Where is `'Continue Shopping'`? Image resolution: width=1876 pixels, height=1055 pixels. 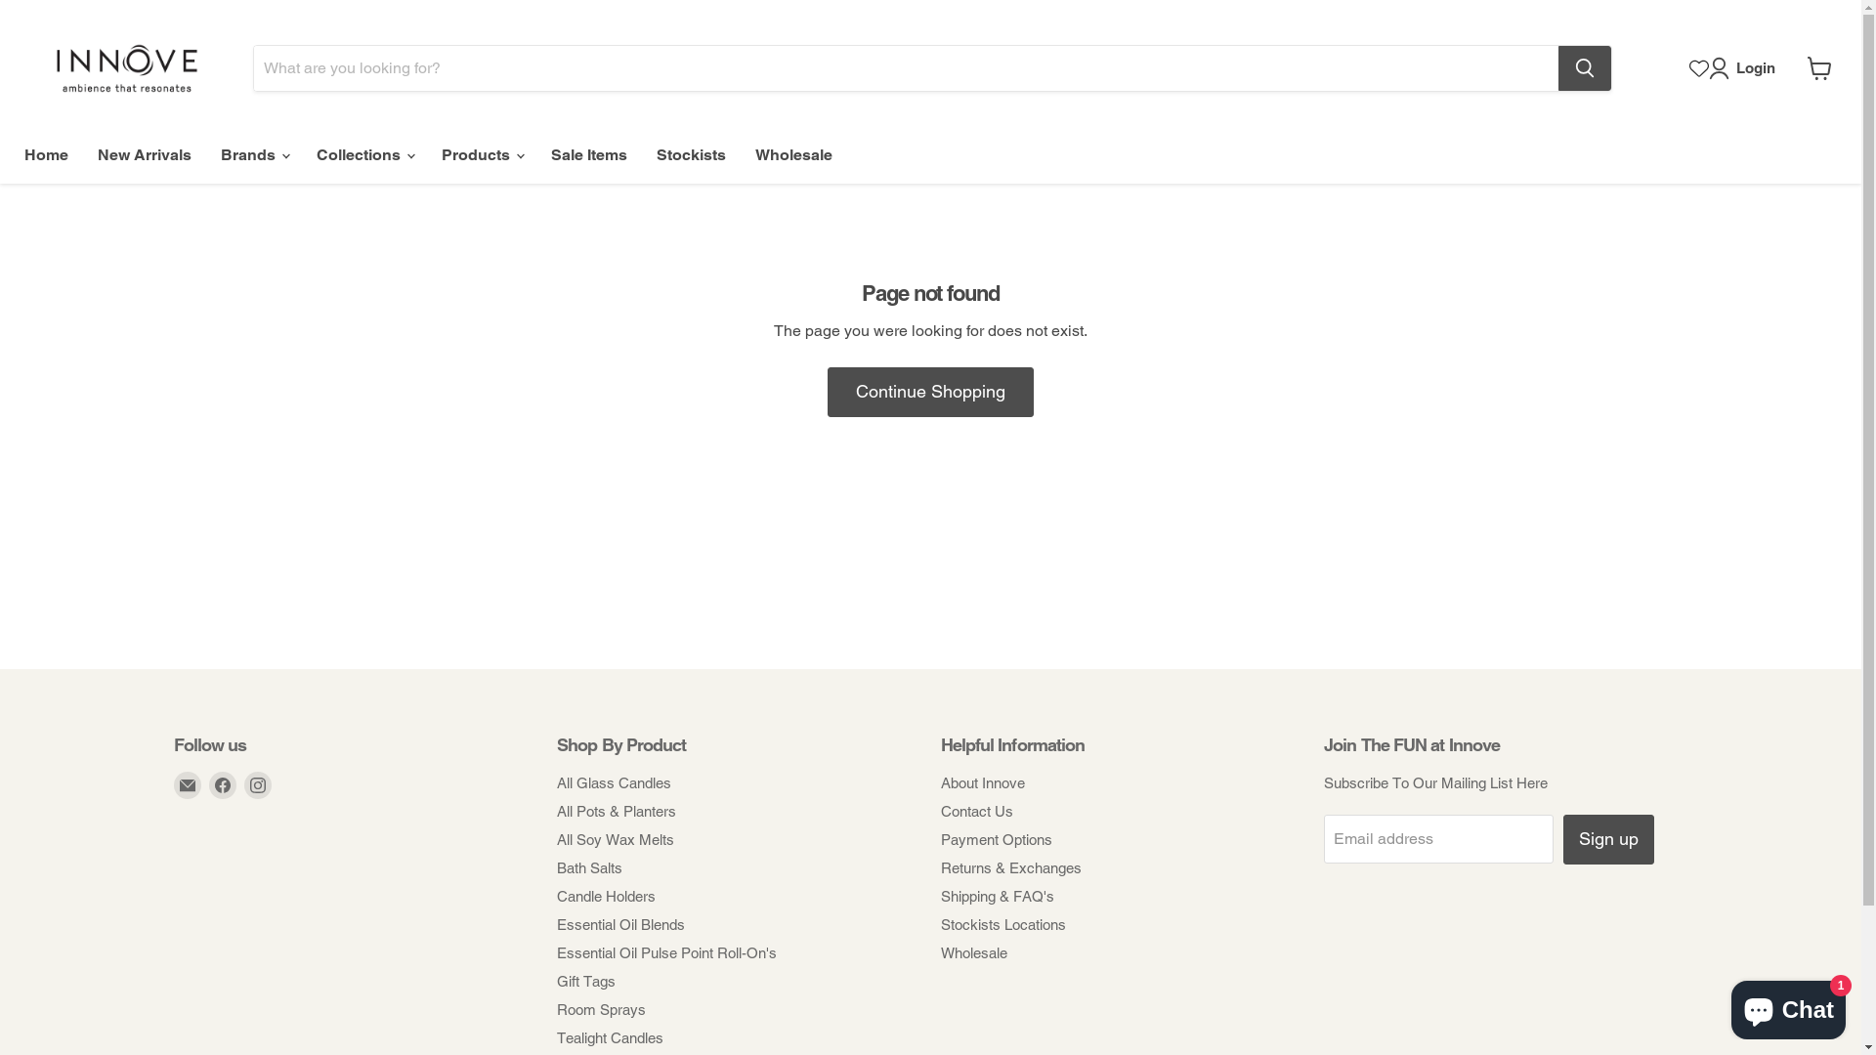
'Continue Shopping' is located at coordinates (929, 392).